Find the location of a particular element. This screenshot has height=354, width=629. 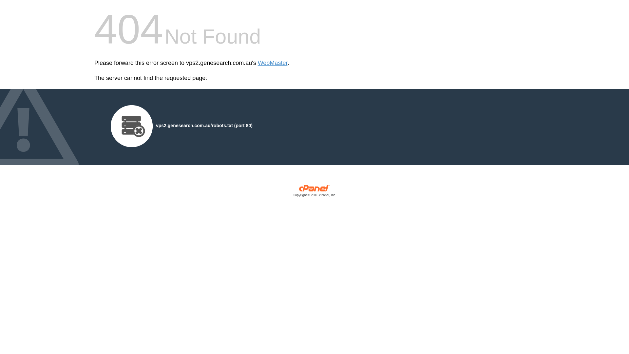

'WebMaster' is located at coordinates (273, 63).